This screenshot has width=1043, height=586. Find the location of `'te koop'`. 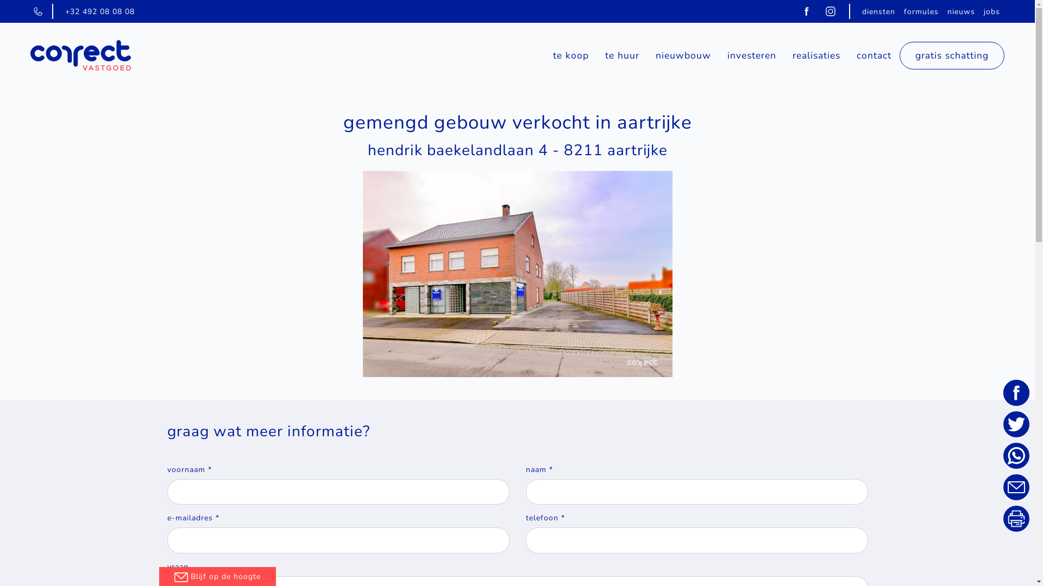

'te koop' is located at coordinates (570, 55).